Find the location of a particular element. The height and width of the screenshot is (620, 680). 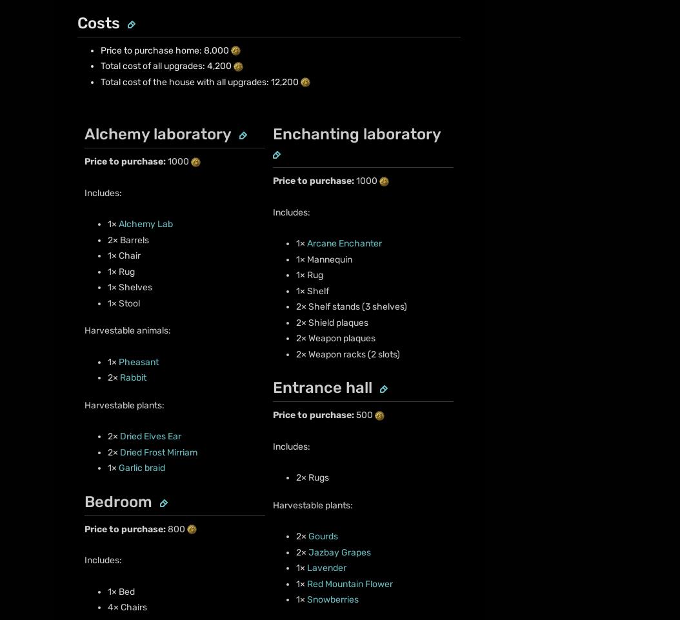

'What is Fandom?' is located at coordinates (88, 201).